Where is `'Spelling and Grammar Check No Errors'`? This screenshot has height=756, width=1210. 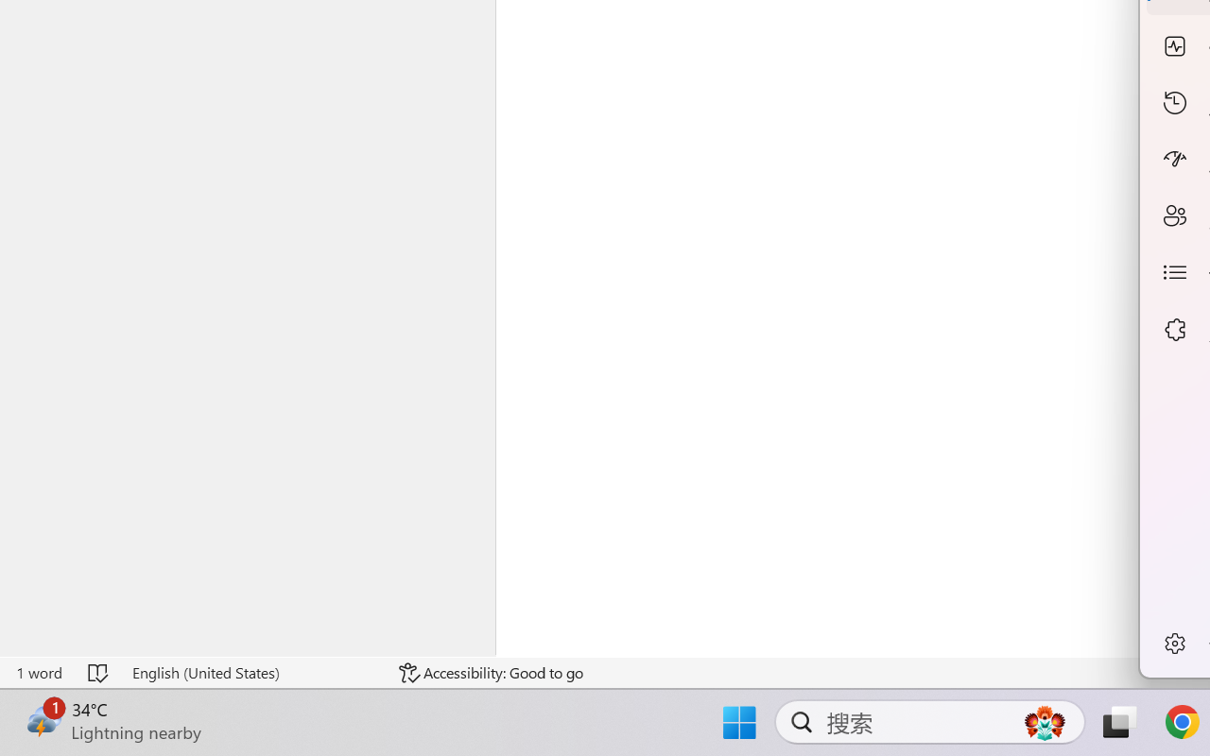
'Spelling and Grammar Check No Errors' is located at coordinates (98, 672).